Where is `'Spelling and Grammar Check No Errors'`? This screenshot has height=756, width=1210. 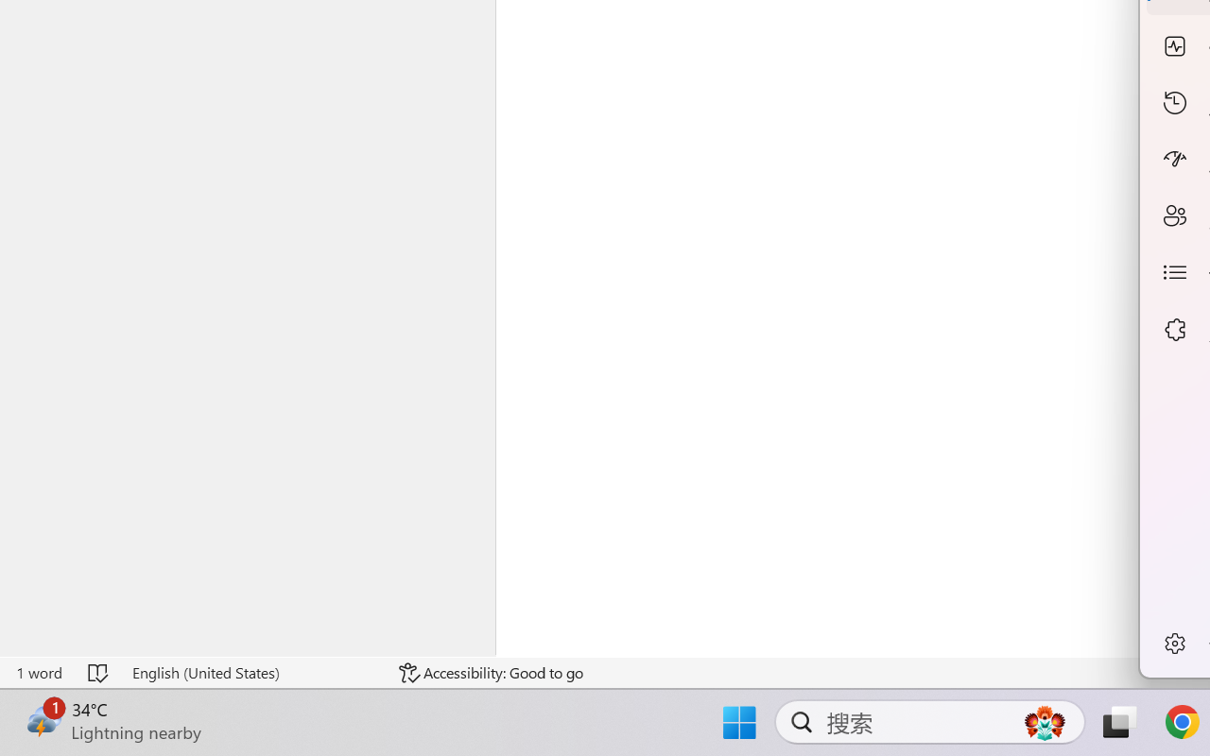
'Spelling and Grammar Check No Errors' is located at coordinates (98, 672).